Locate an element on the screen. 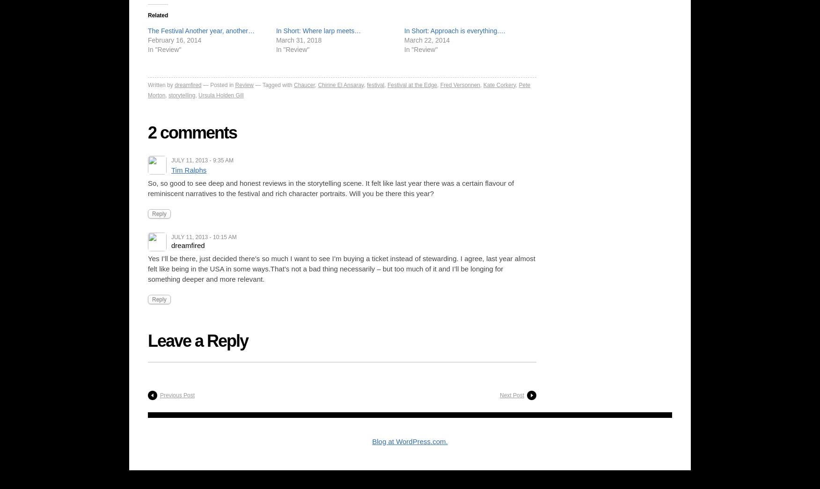 This screenshot has width=820, height=489. 'Tim Ralphs' is located at coordinates (188, 169).